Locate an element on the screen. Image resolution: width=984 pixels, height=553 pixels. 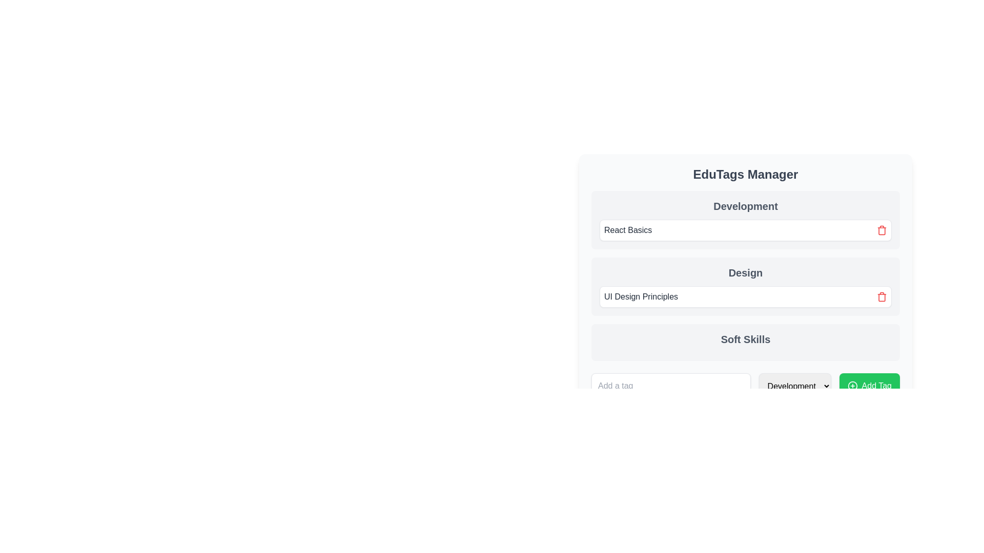
the text label element displaying 'React Basics' under the 'Development' header, which is non-interactive and serves as an identifier is located at coordinates (627, 230).